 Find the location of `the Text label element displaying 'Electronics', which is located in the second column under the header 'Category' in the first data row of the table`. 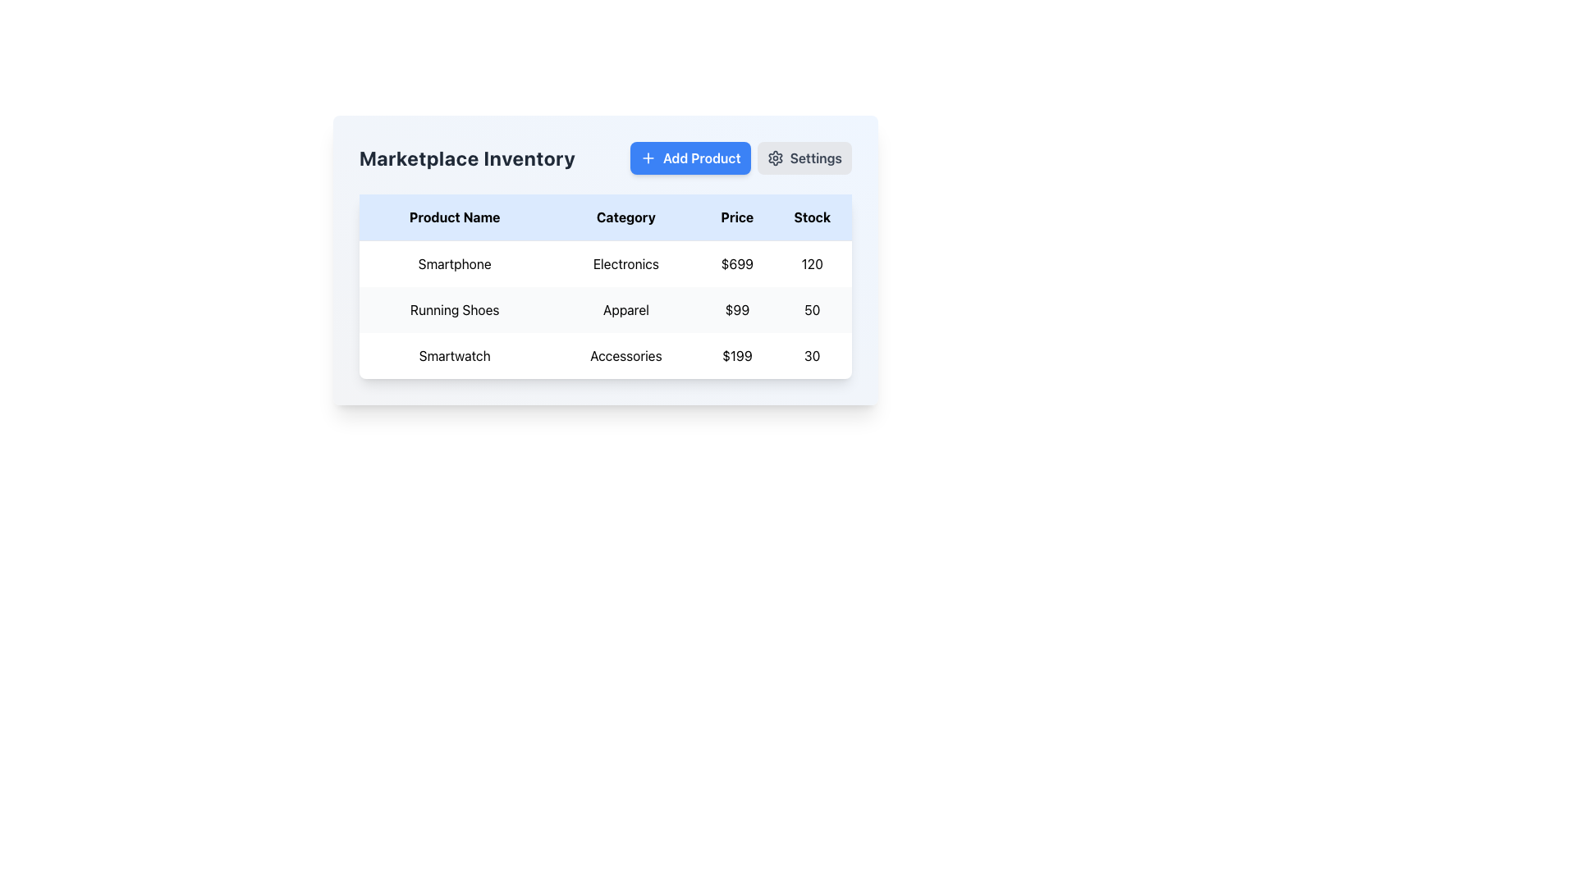

the Text label element displaying 'Electronics', which is located in the second column under the header 'Category' in the first data row of the table is located at coordinates (625, 263).